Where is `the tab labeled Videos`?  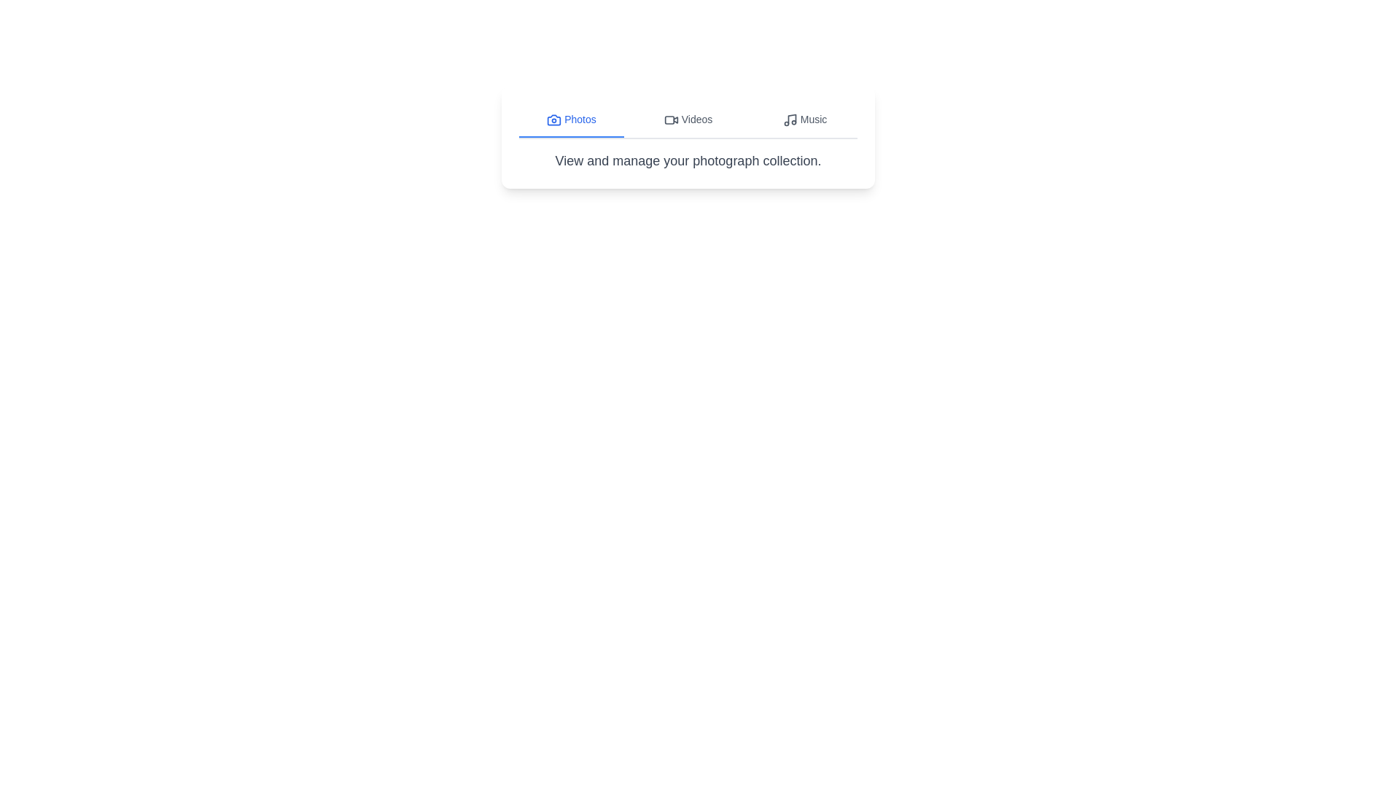 the tab labeled Videos is located at coordinates (688, 120).